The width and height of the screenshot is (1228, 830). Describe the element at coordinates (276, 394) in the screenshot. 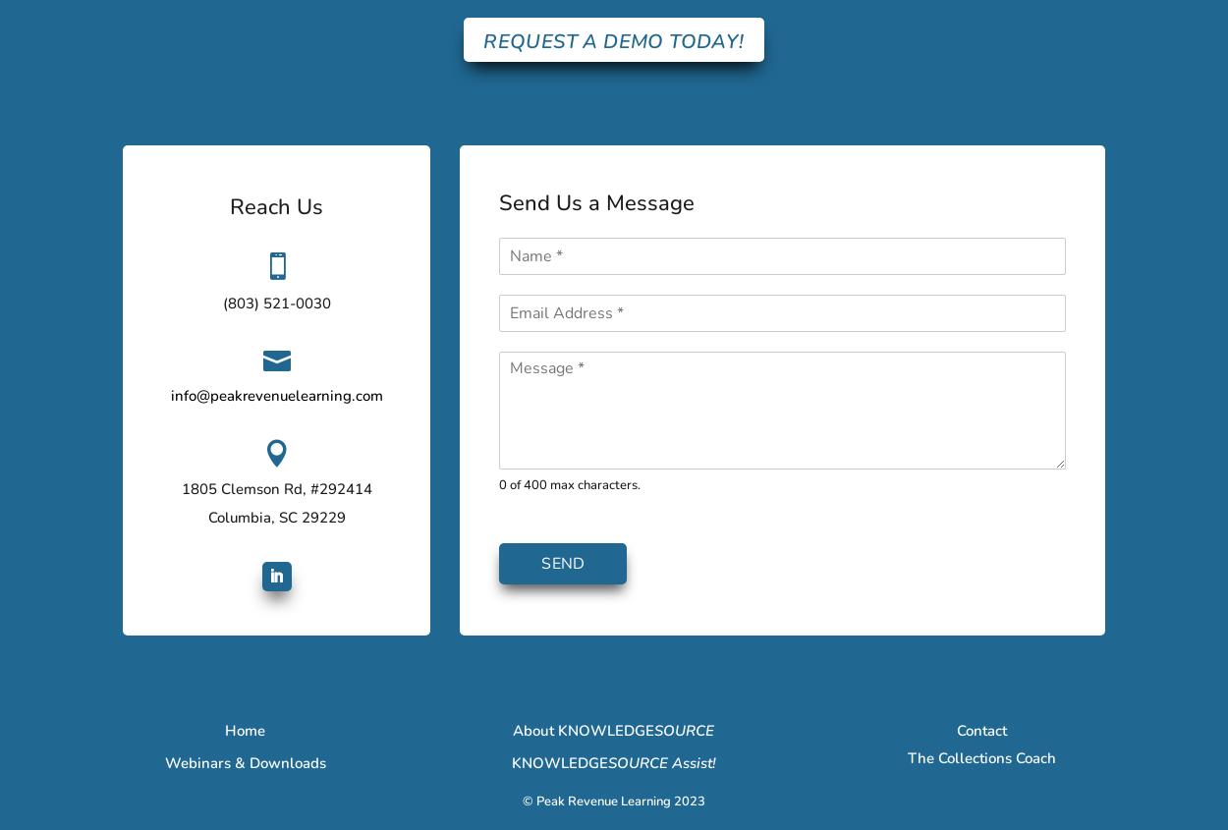

I see `'info@peakrevenuelearning.com'` at that location.